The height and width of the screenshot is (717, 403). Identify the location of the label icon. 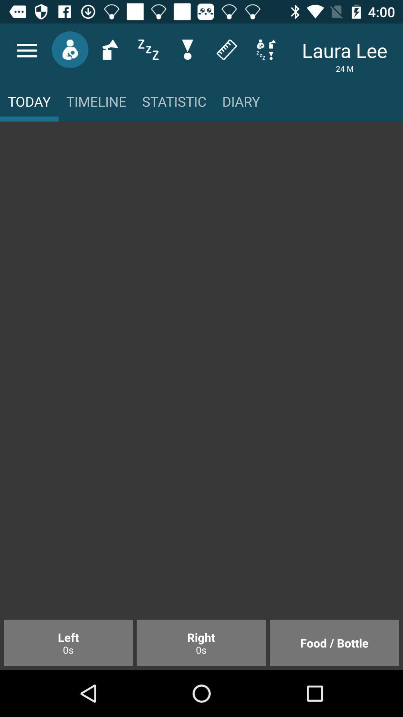
(226, 49).